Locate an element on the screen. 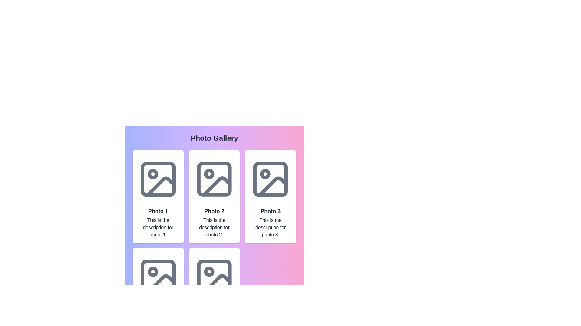  the role of the small circular SVG element located within the third image placeholder is located at coordinates (265, 174).